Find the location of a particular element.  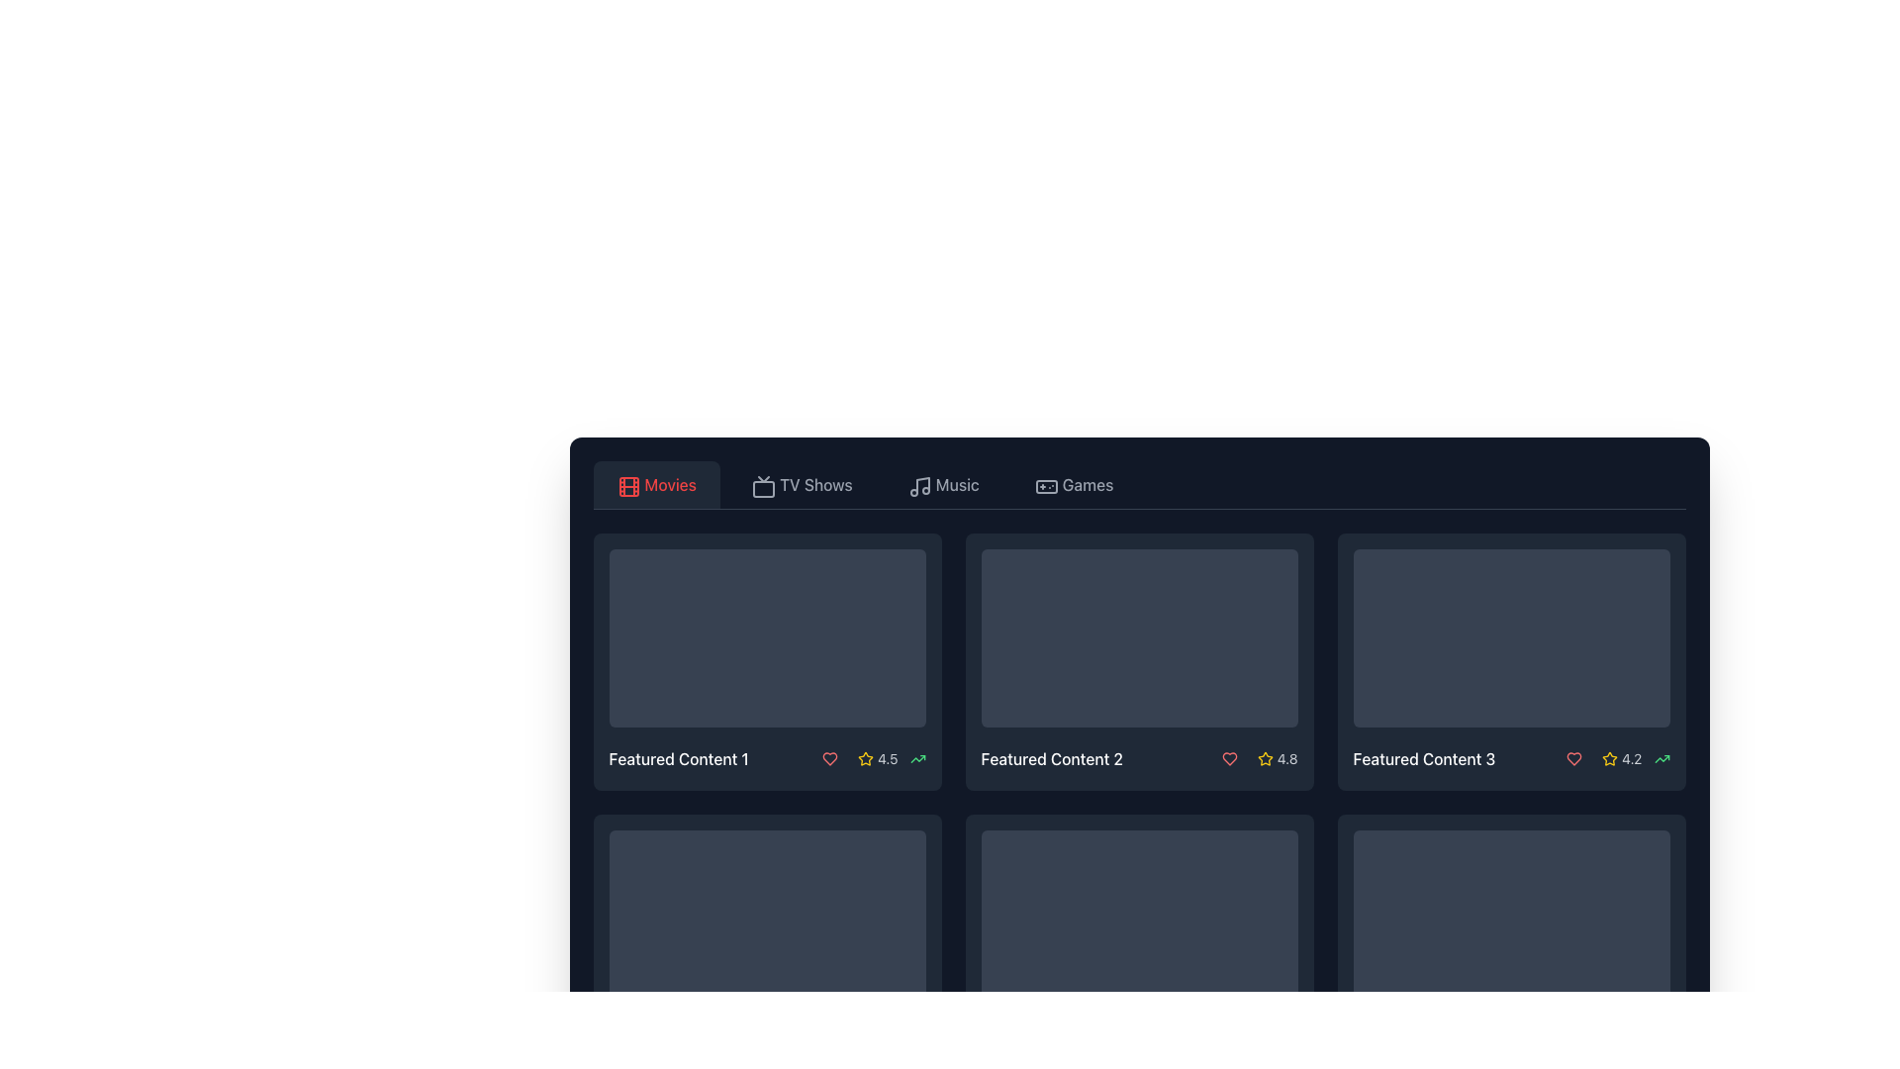

the 'Games' text label located in the fourth position of the horizontal navigation bar is located at coordinates (1087, 484).